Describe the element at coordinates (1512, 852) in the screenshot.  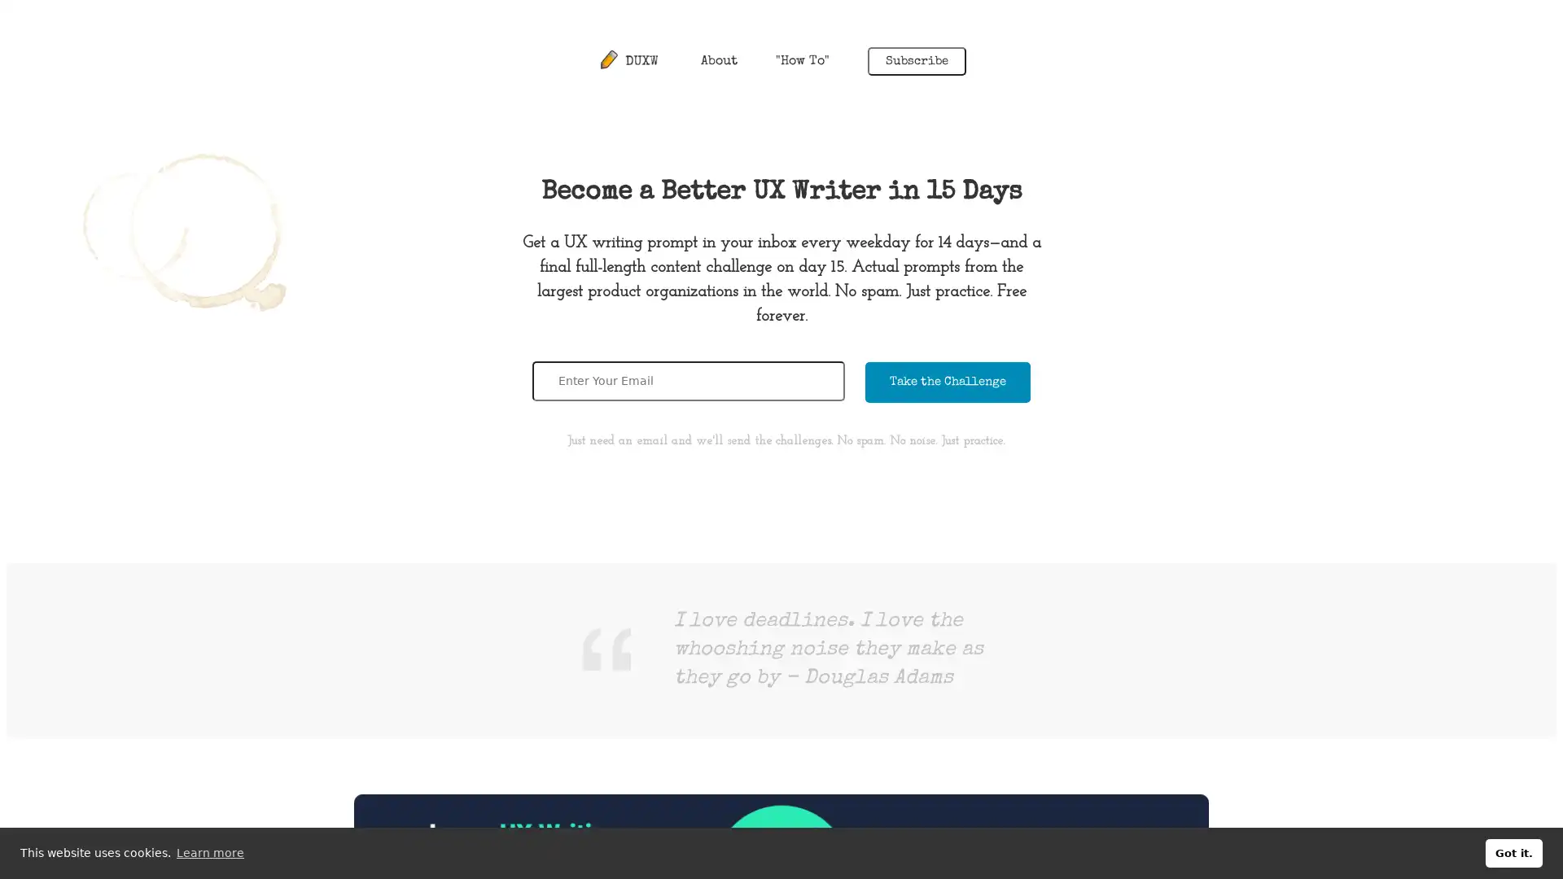
I see `dismiss cookie message` at that location.